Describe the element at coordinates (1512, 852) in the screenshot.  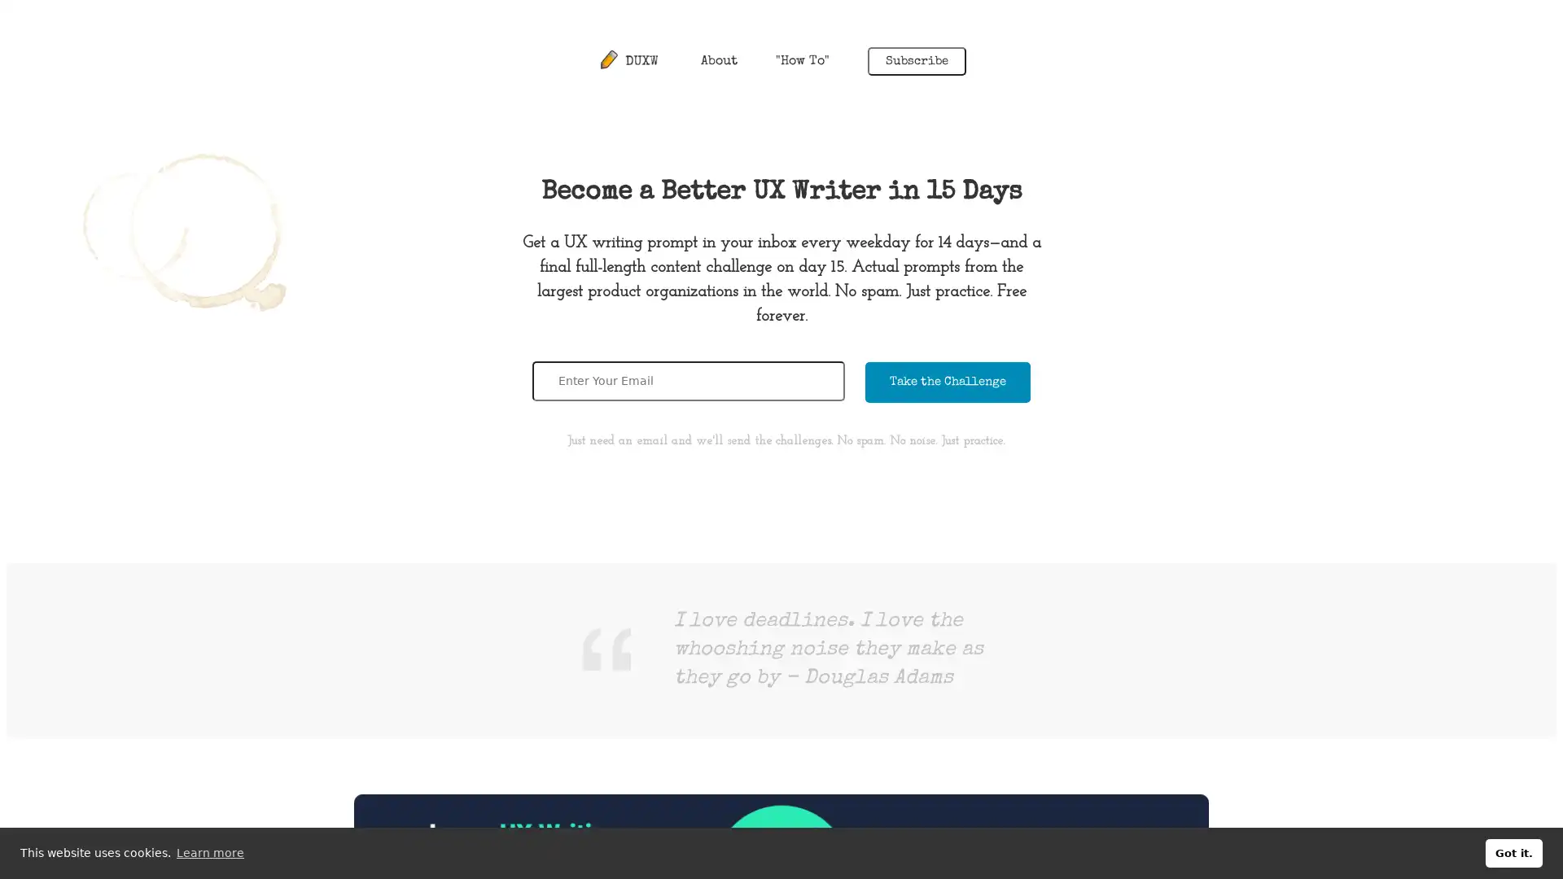
I see `dismiss cookie message` at that location.